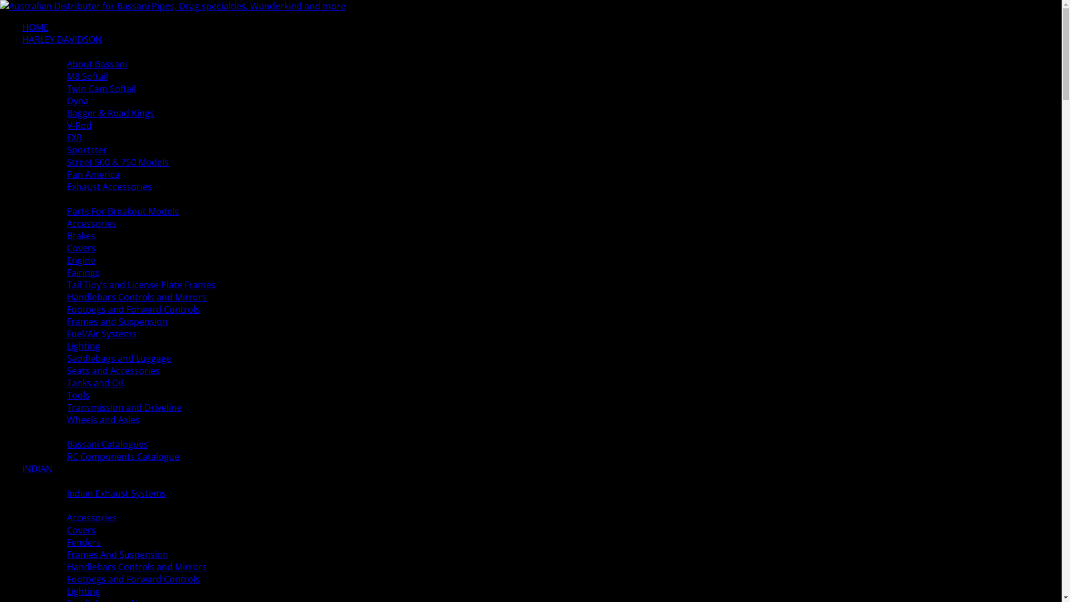 The height and width of the screenshot is (602, 1070). Describe the element at coordinates (66, 260) in the screenshot. I see `'Engine'` at that location.